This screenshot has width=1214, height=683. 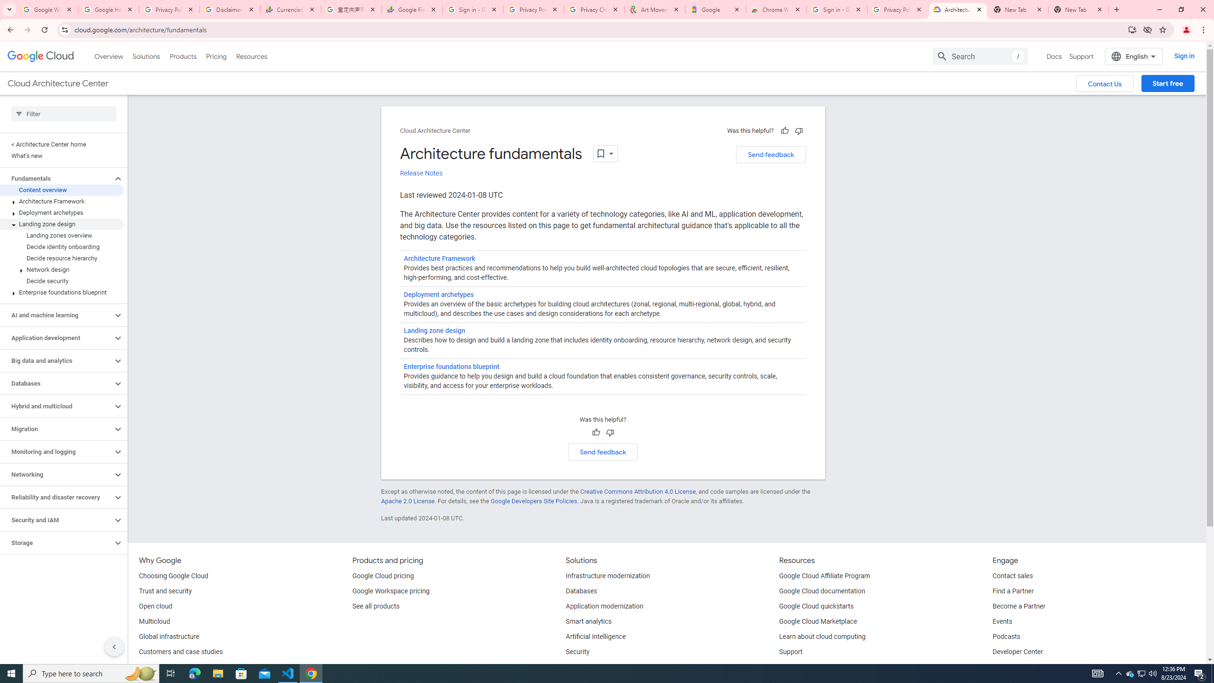 What do you see at coordinates (1078, 9) in the screenshot?
I see `'New Tab'` at bounding box center [1078, 9].